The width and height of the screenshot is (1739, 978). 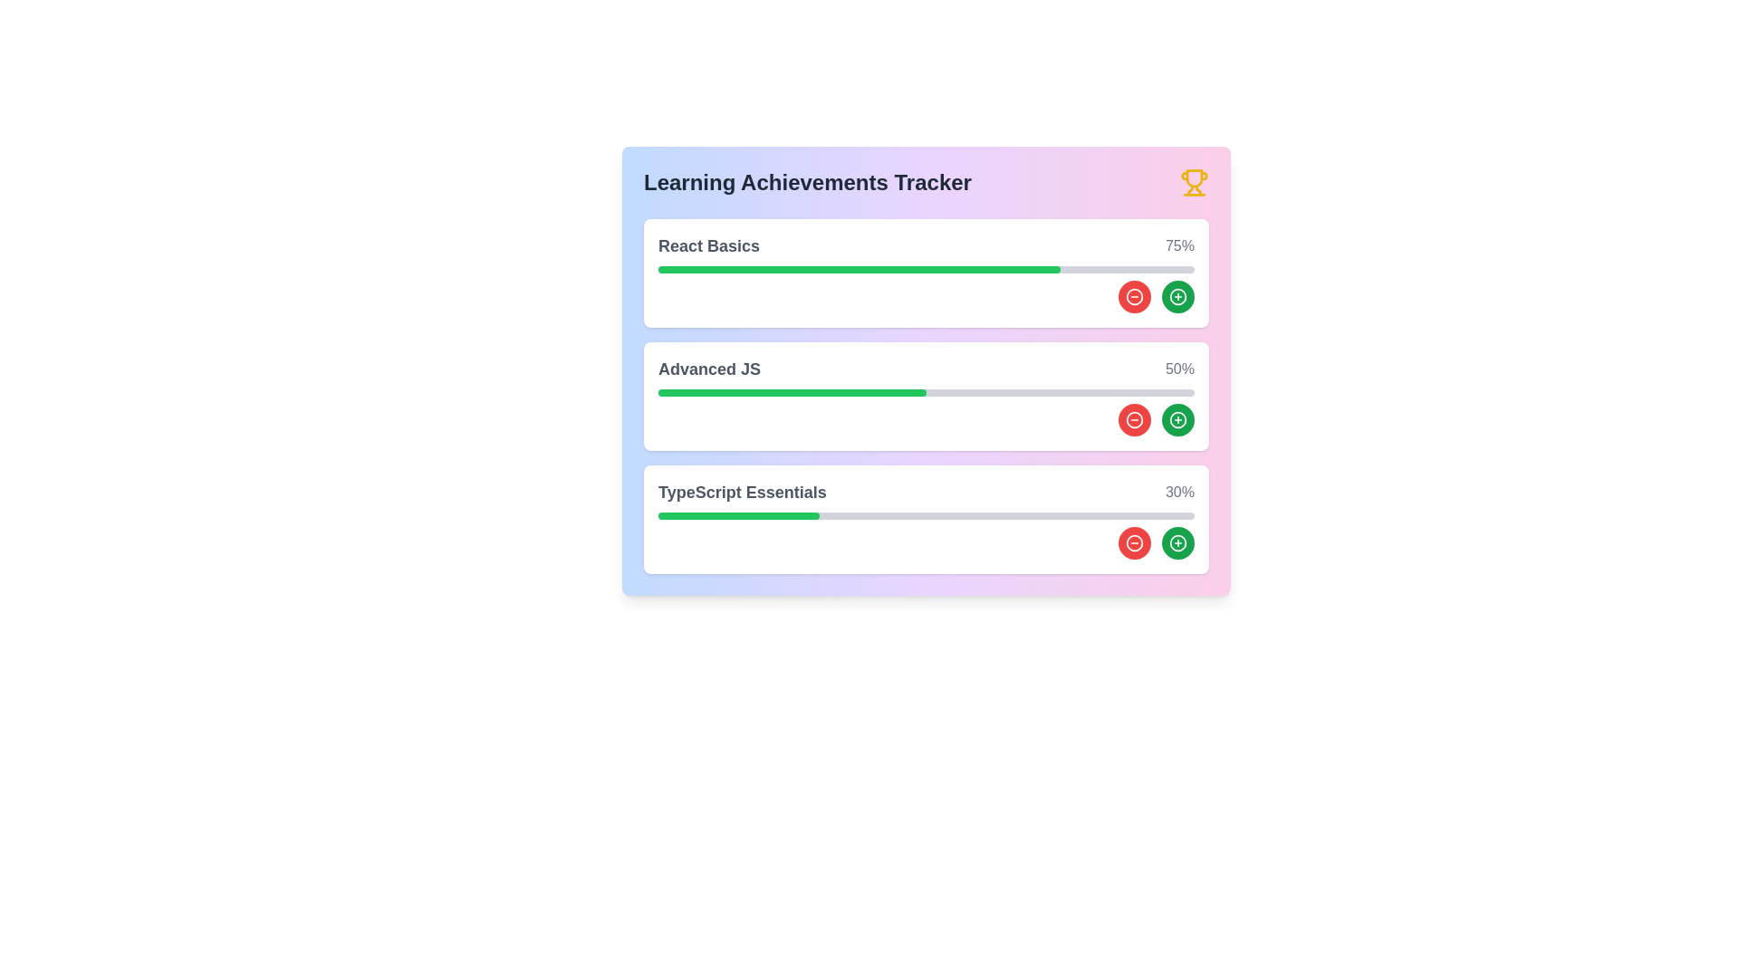 What do you see at coordinates (926, 269) in the screenshot?
I see `the horizontal progress bar indicating 75% progress located beneath the text 'React Basics' and the percentage '75%'` at bounding box center [926, 269].